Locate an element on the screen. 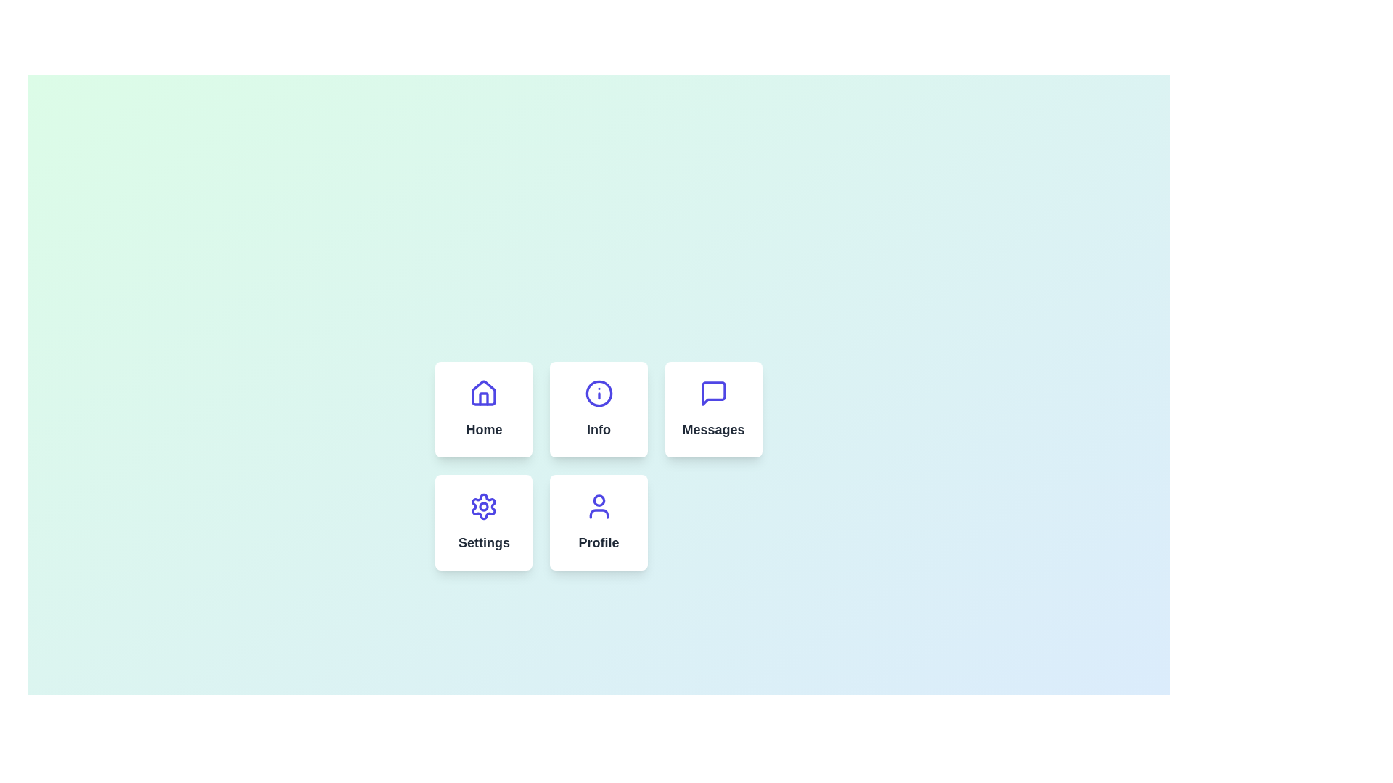  the speech bubble icon with a dot inside, which is styled with a thin, prominently indigo outline and located at the top center of the 'Messages' card in the grid layout is located at coordinates (713, 394).